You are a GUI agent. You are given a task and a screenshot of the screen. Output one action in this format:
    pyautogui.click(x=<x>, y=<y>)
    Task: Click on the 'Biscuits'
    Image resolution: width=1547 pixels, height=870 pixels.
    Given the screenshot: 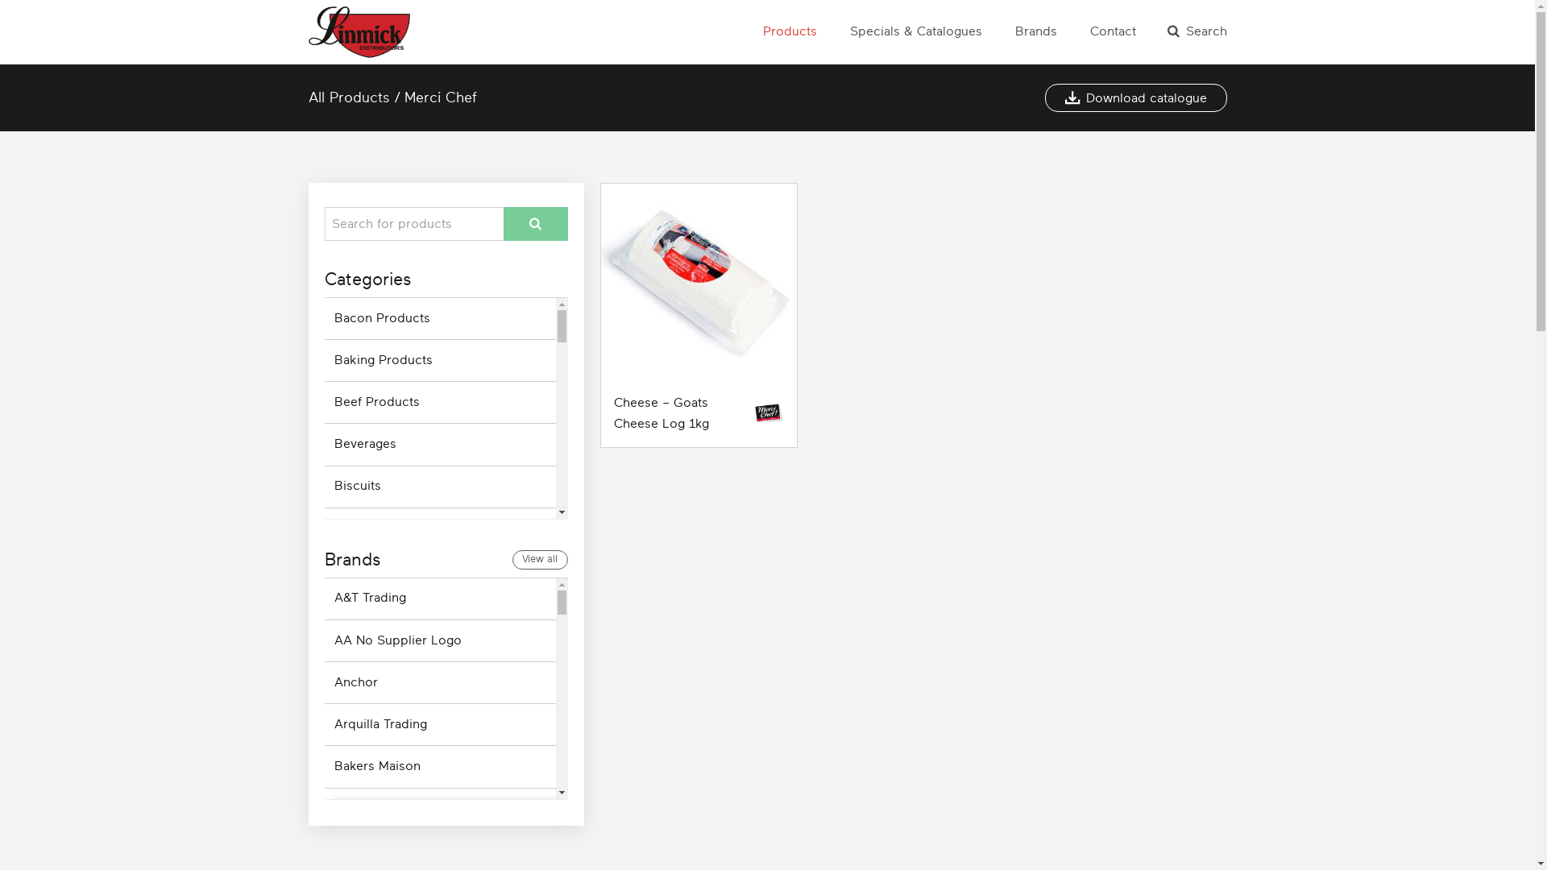 What is the action you would take?
    pyautogui.click(x=439, y=486)
    